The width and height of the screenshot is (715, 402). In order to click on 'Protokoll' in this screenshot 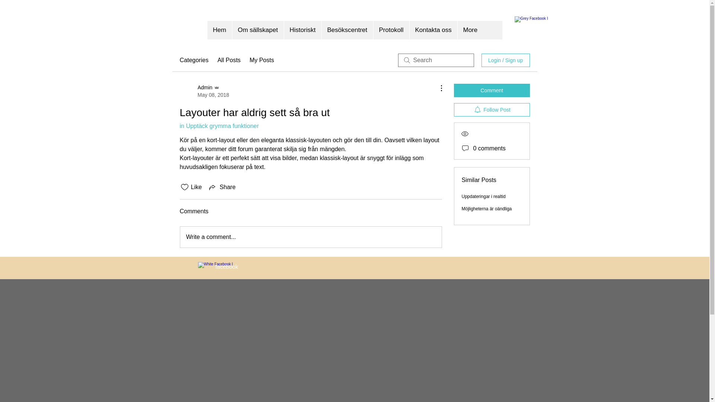, I will do `click(391, 30)`.